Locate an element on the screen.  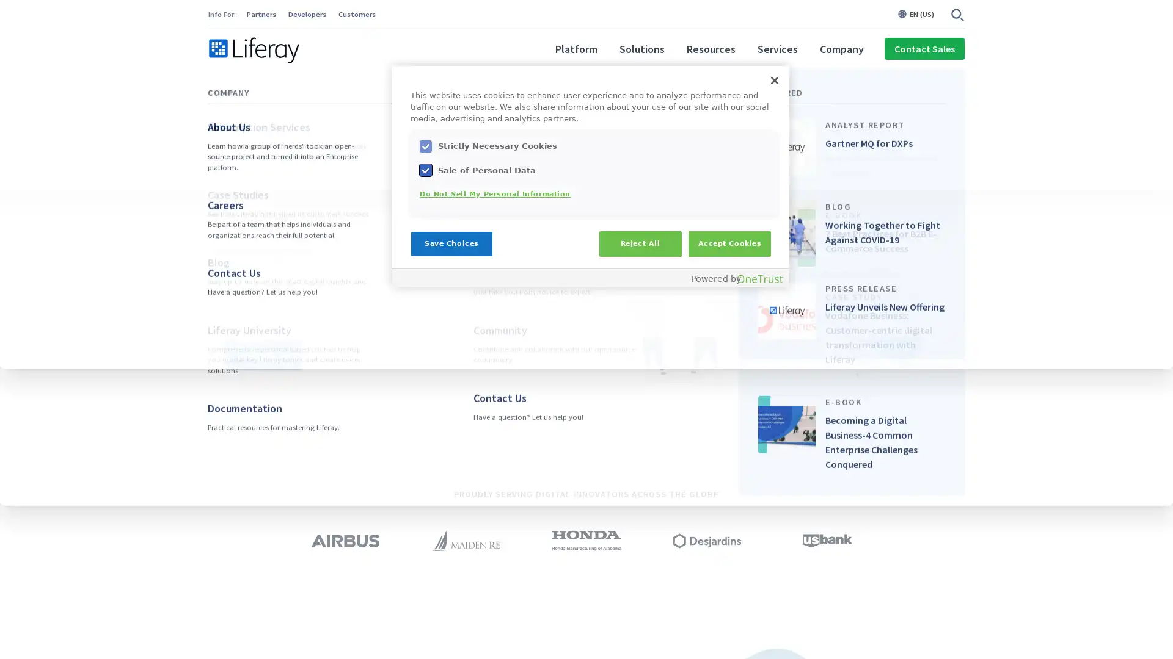
Do Not Sell My Personal Information is located at coordinates (495, 193).